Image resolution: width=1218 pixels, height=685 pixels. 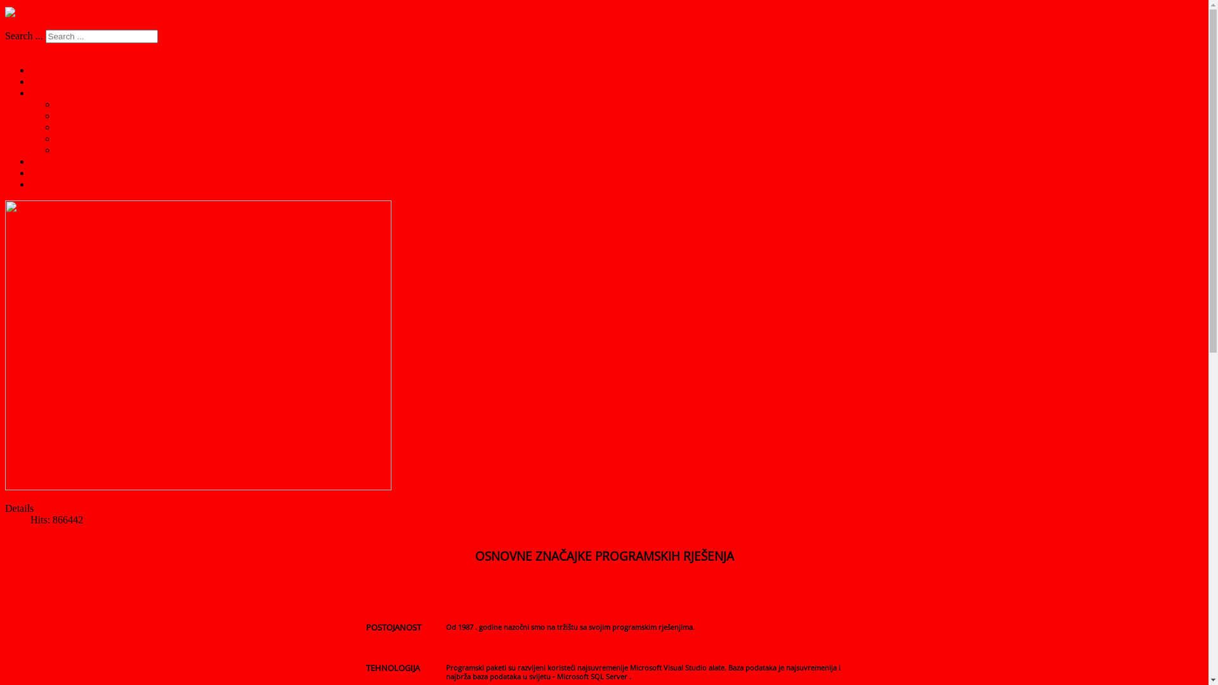 What do you see at coordinates (75, 149) in the screenshot?
I see `'Verzija 21'` at bounding box center [75, 149].